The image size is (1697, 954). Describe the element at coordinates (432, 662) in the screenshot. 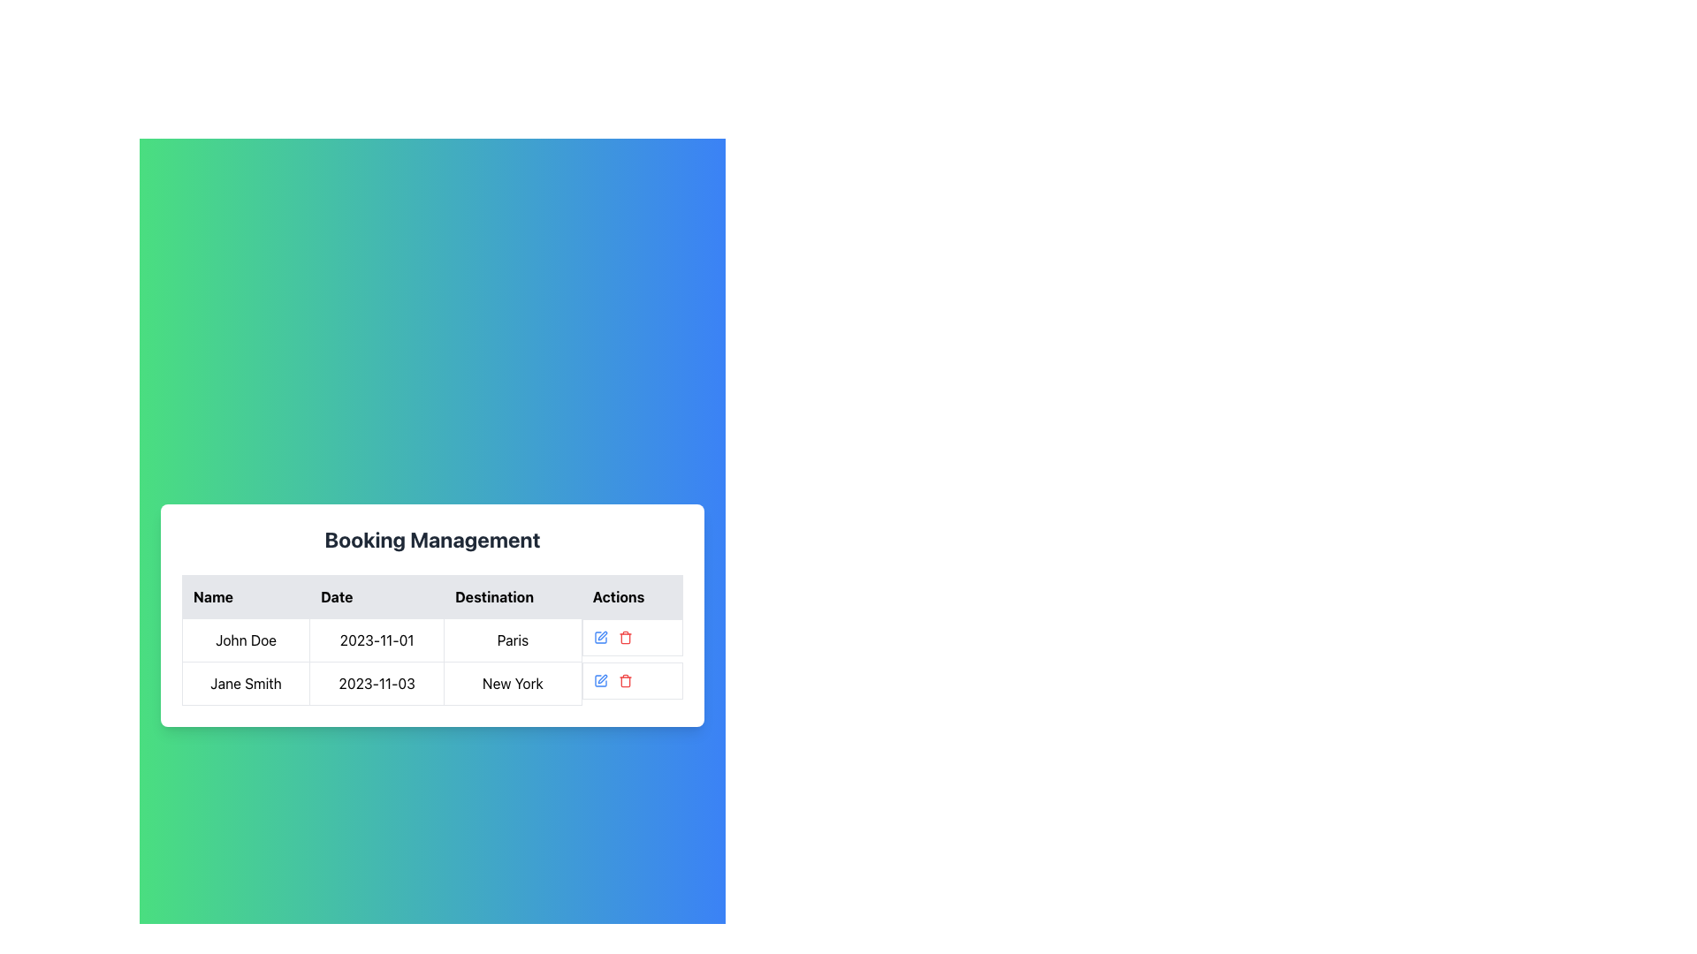

I see `the second row of the data grid containing 'Jane Smith', '2023-11-03', 'New York', with action icons for editing and deleting` at that location.